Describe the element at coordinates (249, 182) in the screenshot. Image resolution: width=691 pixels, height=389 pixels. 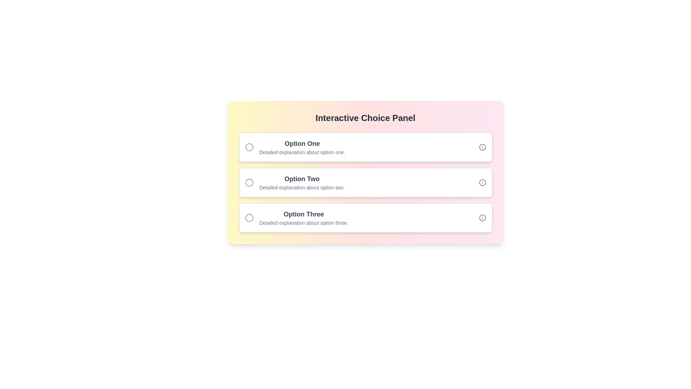
I see `the radio button associated with 'Option Two'` at that location.